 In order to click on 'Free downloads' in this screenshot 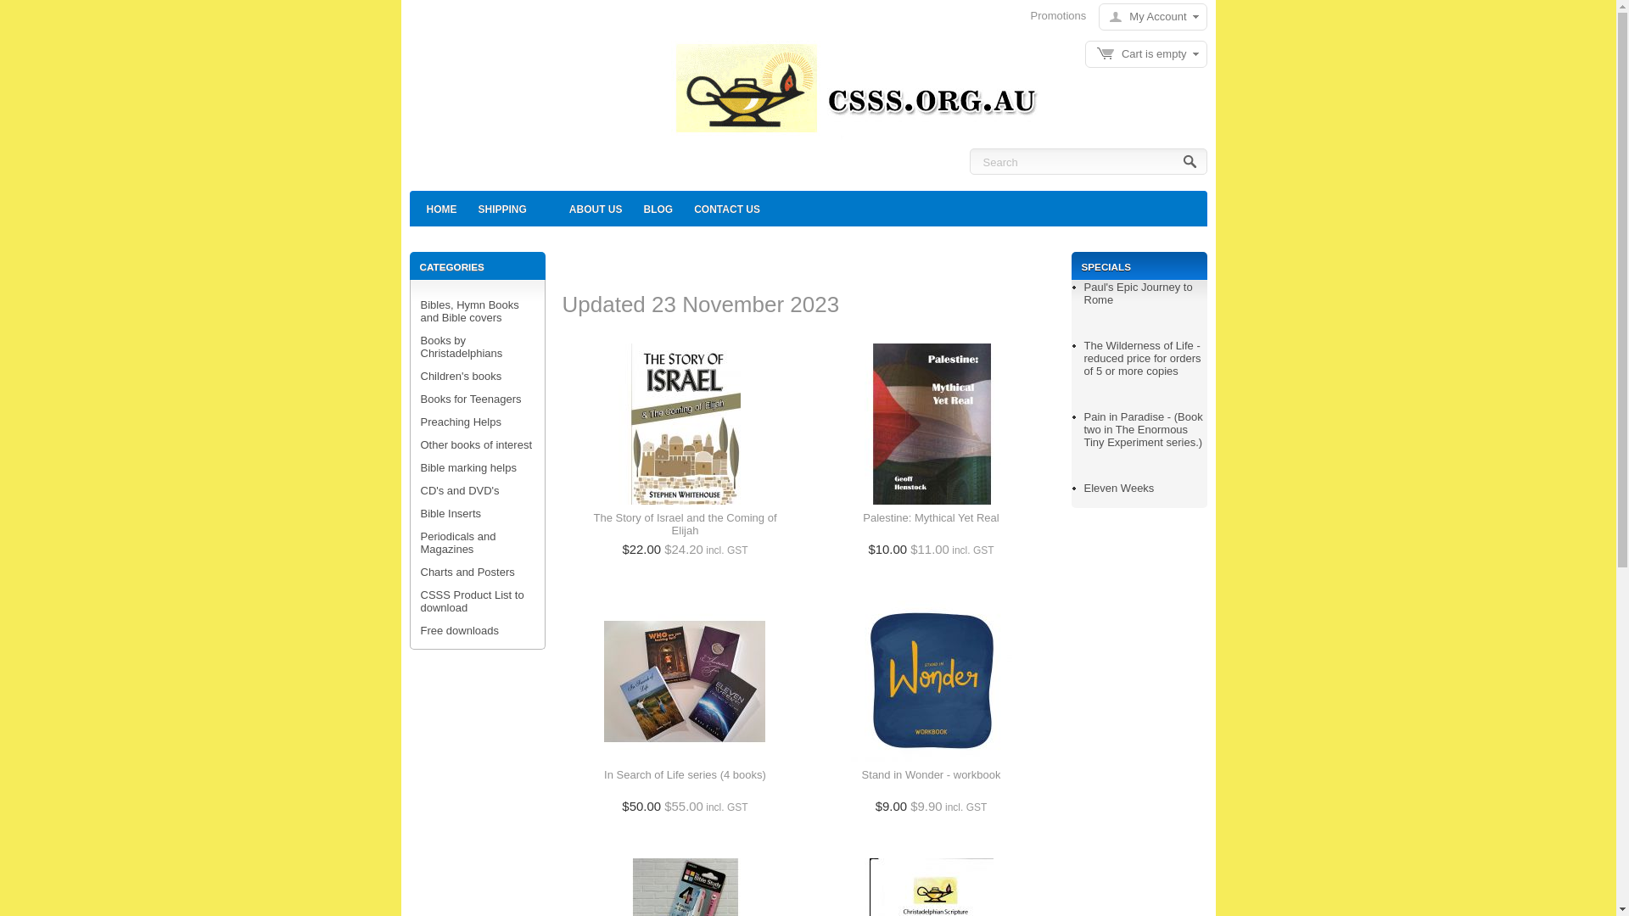, I will do `click(460, 630)`.